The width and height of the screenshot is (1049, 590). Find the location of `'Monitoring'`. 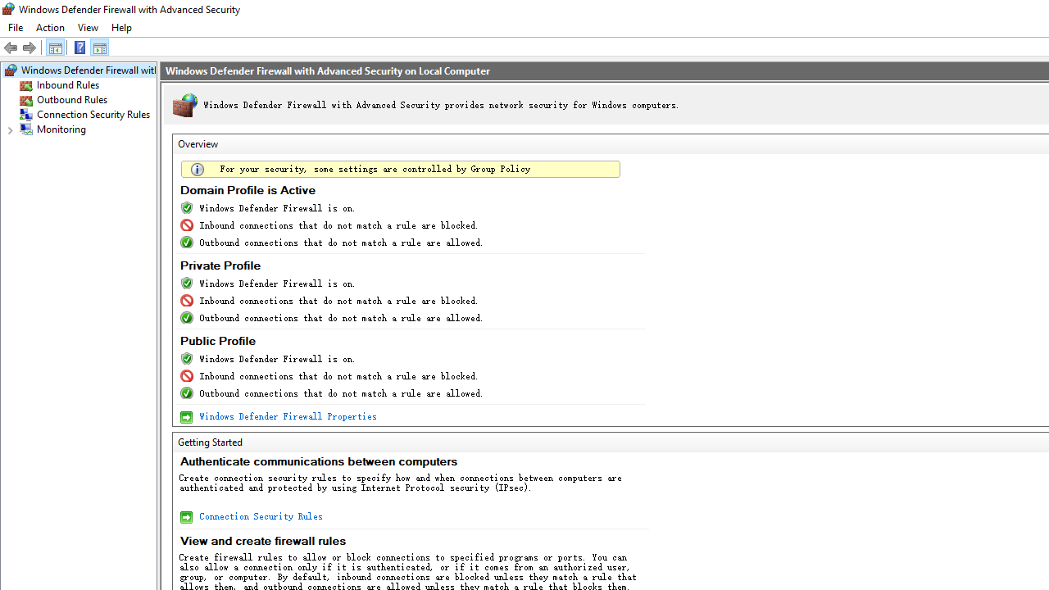

'Monitoring' is located at coordinates (61, 129).